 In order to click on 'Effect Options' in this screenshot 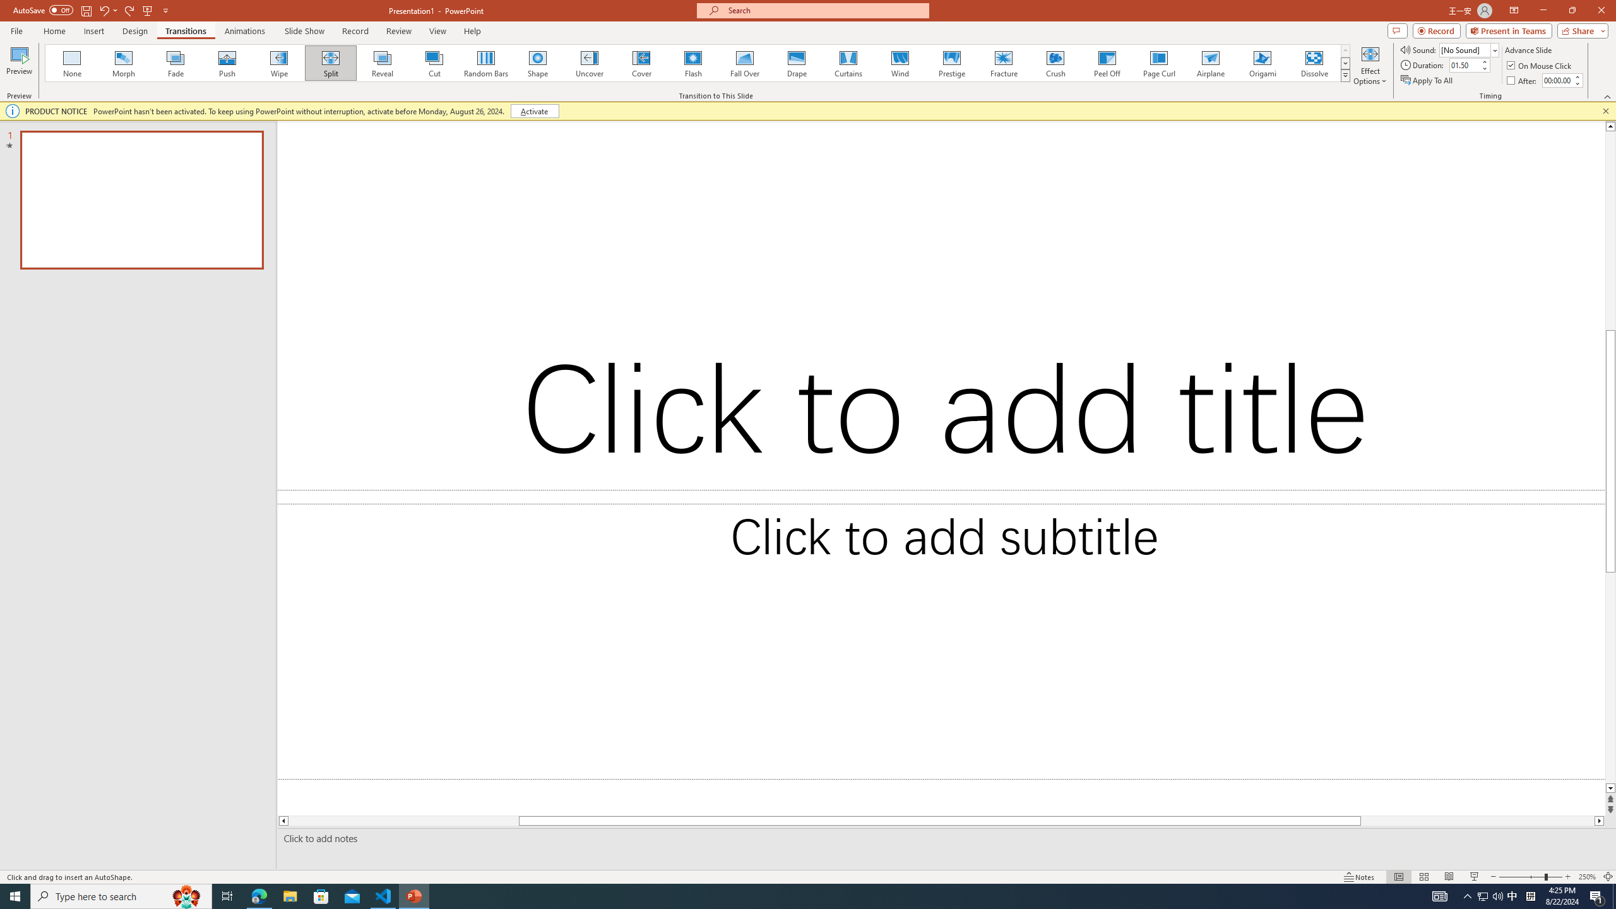, I will do `click(1369, 65)`.